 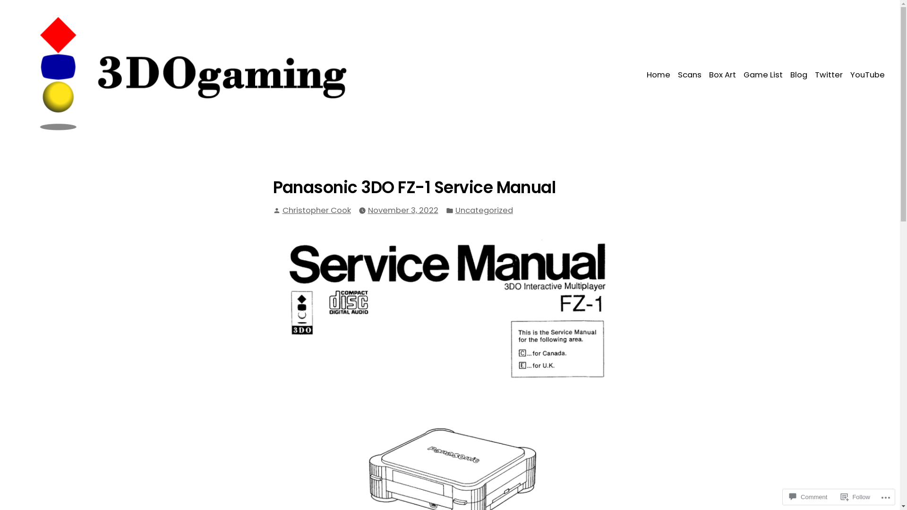 I want to click on 'Box Art', so click(x=722, y=75).